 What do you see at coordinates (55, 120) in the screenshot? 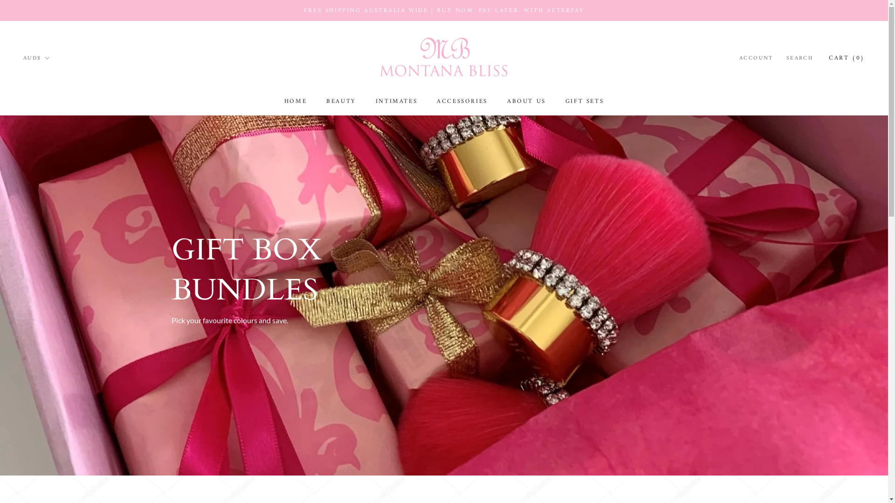
I see `'AMD'` at bounding box center [55, 120].